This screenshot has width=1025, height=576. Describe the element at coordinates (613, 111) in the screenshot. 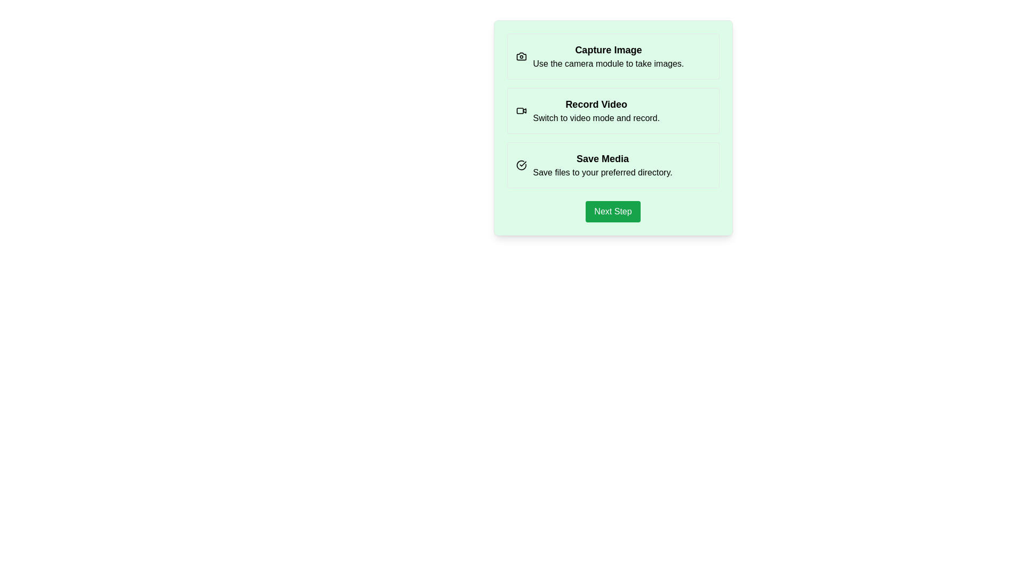

I see `the 'Record Video' descriptive text block with a video camera icon, which is located below the 'Capture Image' option and above 'Save Media' in the UI` at that location.